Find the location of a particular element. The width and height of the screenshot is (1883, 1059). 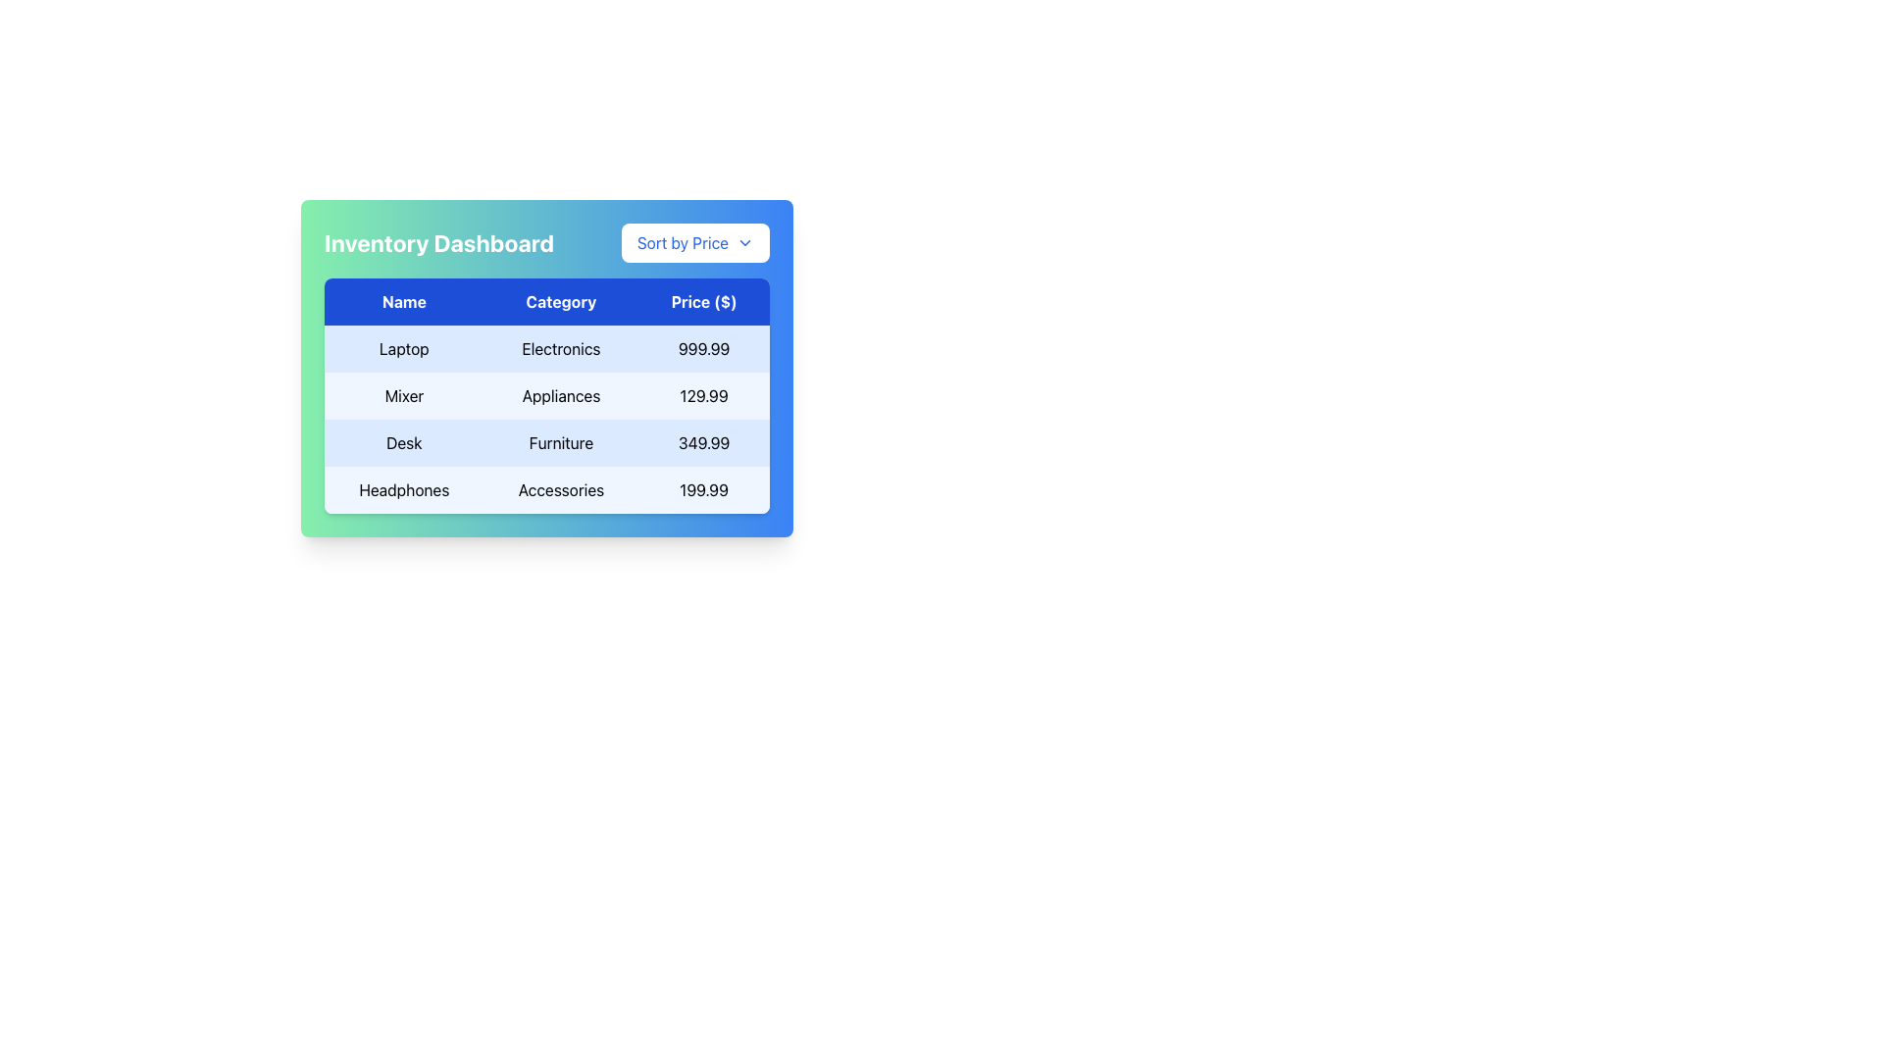

the content of the table displaying items, categories, and prices in the 'Inventory Dashboard' is located at coordinates (546, 396).